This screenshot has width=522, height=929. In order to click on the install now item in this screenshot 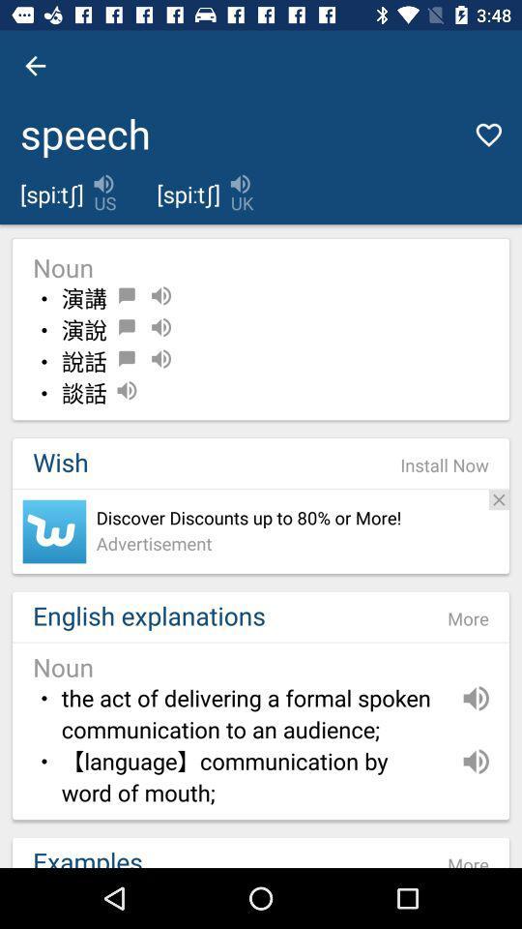, I will do `click(445, 464)`.